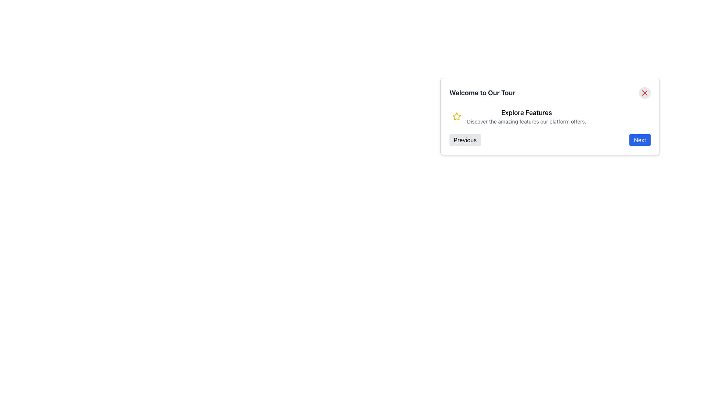 This screenshot has width=705, height=397. I want to click on the button located in the bottom-right corner of the pop-up UI, so click(640, 140).